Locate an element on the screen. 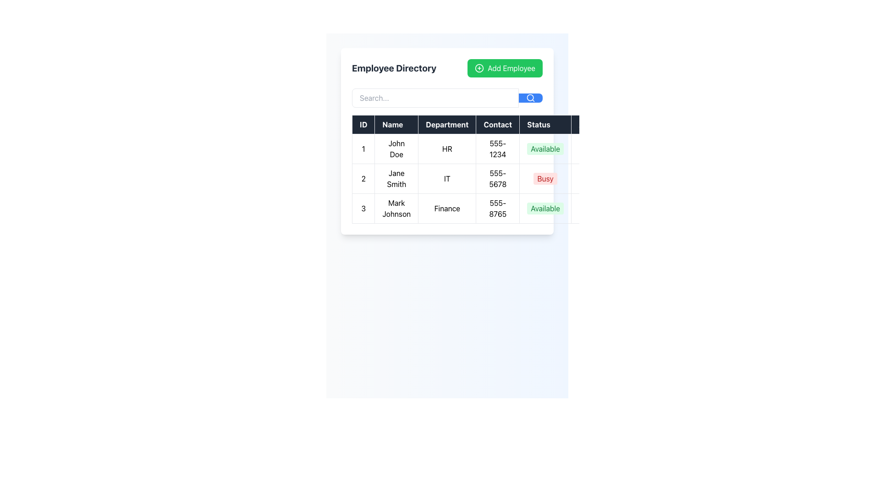 This screenshot has width=880, height=495. the decorative circle SVG component that indicates the search field, located in the header area near the search input field is located at coordinates (530, 98).